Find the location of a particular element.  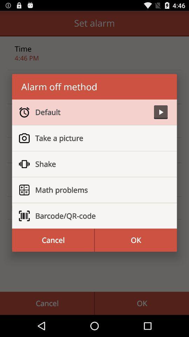

the item below the alarm off method is located at coordinates (92, 112).